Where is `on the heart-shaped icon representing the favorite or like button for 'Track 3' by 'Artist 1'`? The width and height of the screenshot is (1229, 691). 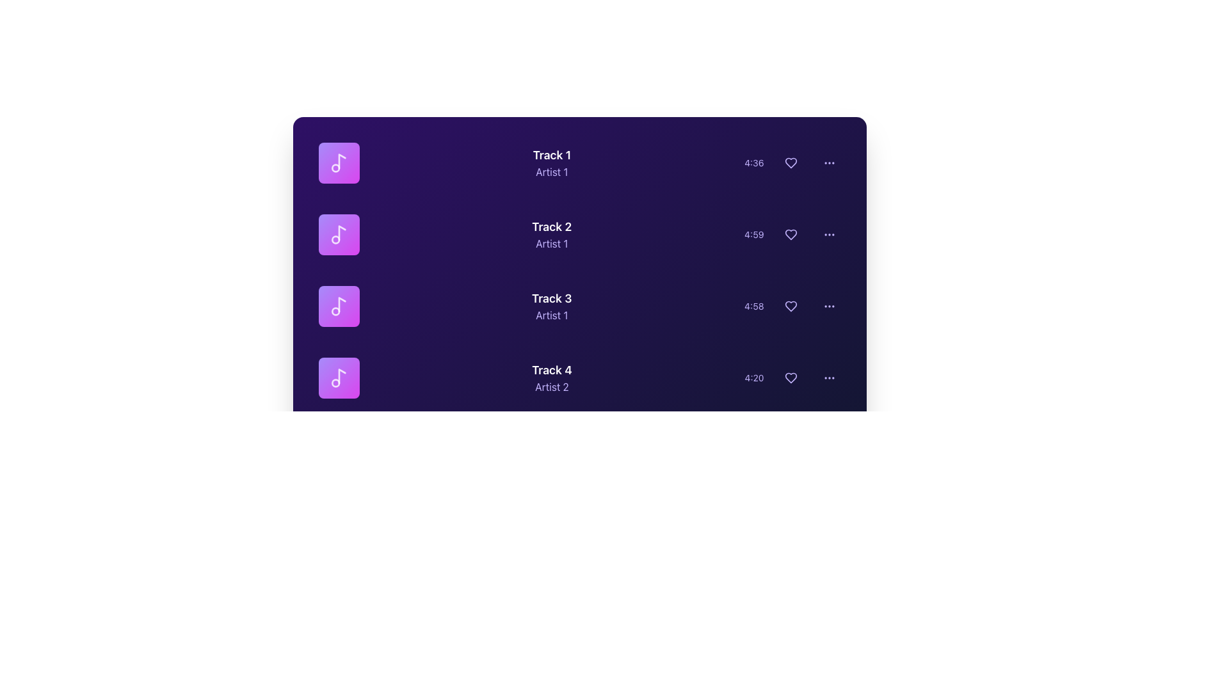 on the heart-shaped icon representing the favorite or like button for 'Track 3' by 'Artist 1' is located at coordinates (790, 306).